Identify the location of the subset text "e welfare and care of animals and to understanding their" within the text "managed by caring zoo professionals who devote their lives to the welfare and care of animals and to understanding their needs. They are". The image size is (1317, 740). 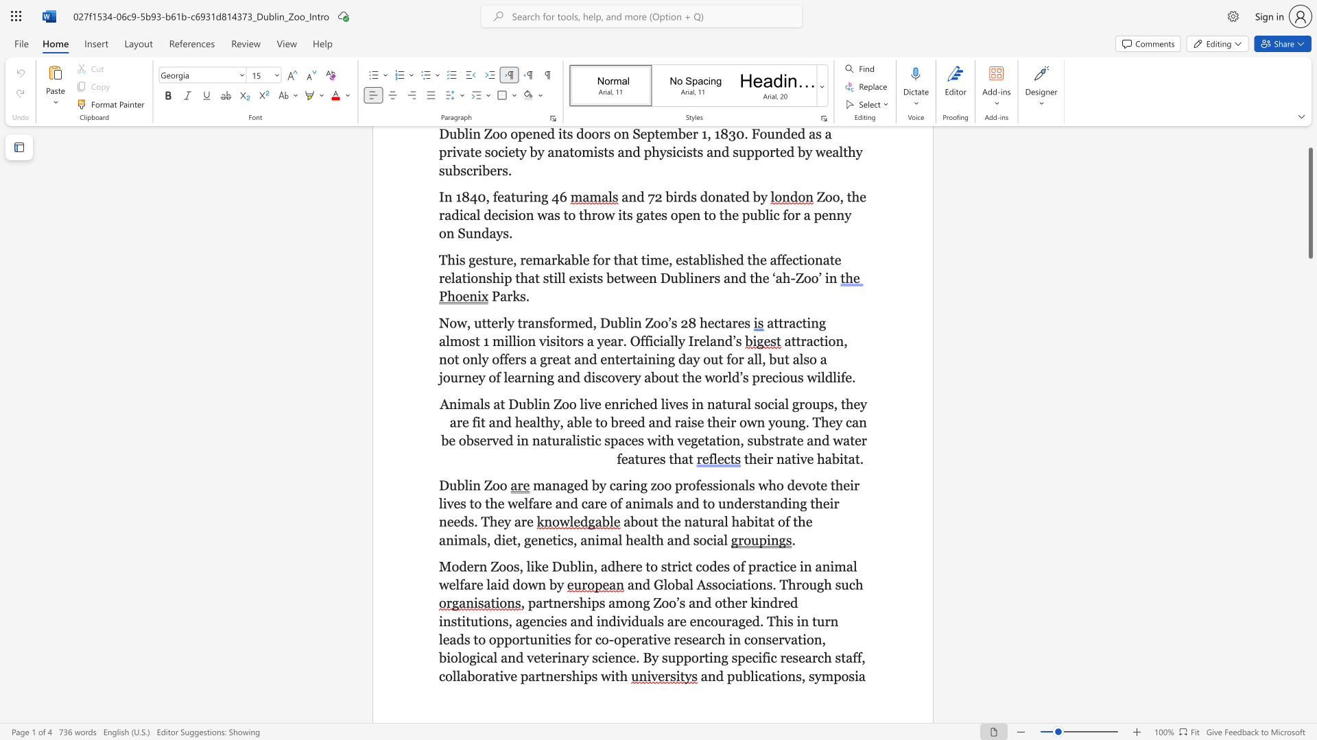
(497, 504).